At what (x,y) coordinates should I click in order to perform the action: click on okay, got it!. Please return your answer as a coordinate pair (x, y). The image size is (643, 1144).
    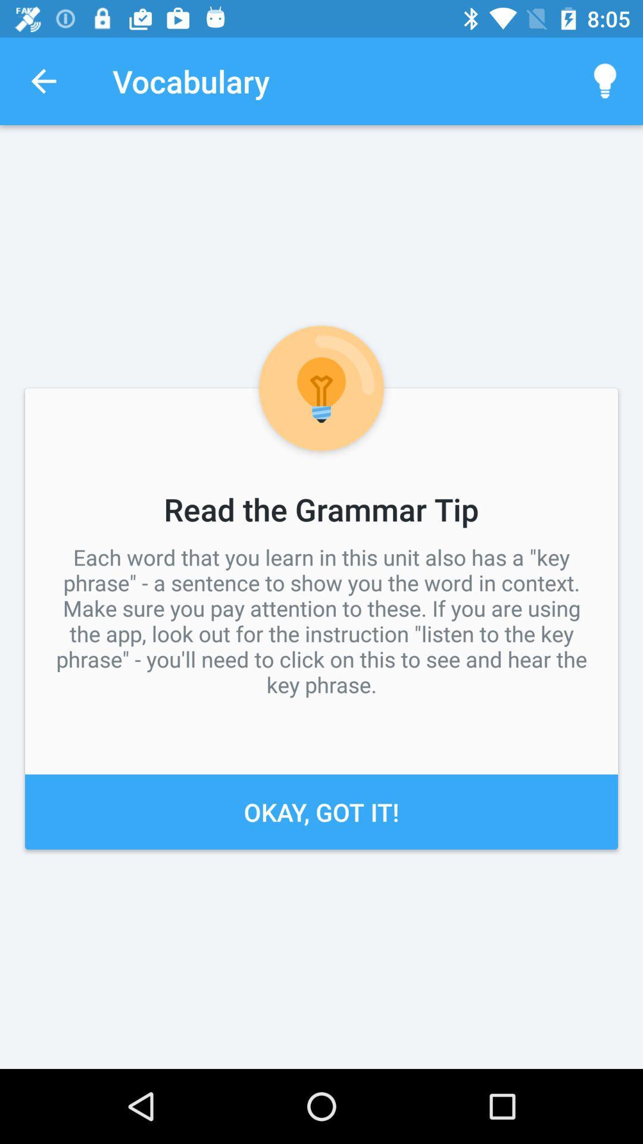
    Looking at the image, I should click on (321, 811).